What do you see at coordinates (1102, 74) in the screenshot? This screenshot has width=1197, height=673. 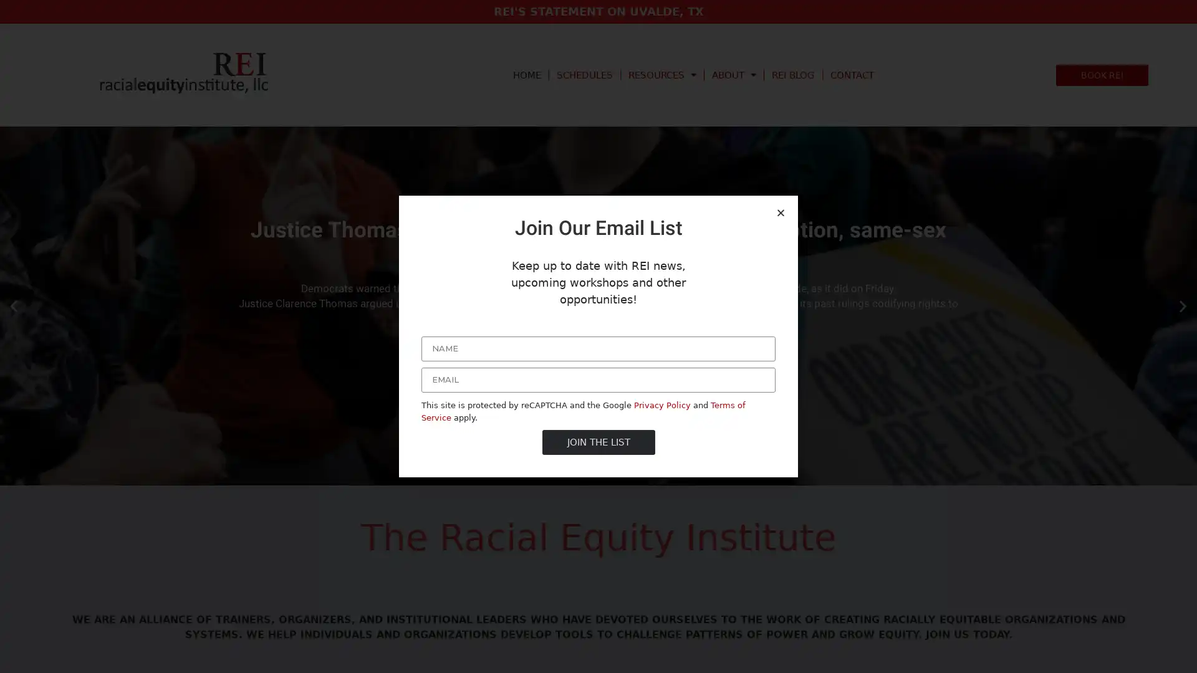 I see `BOOK REI` at bounding box center [1102, 74].